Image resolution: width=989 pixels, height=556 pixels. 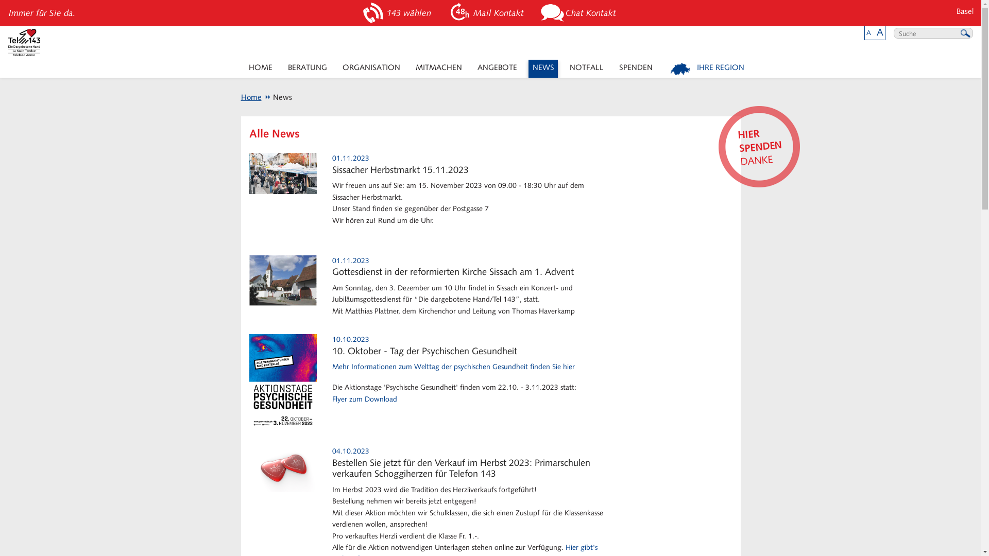 I want to click on 'BERATUNG', so click(x=306, y=68).